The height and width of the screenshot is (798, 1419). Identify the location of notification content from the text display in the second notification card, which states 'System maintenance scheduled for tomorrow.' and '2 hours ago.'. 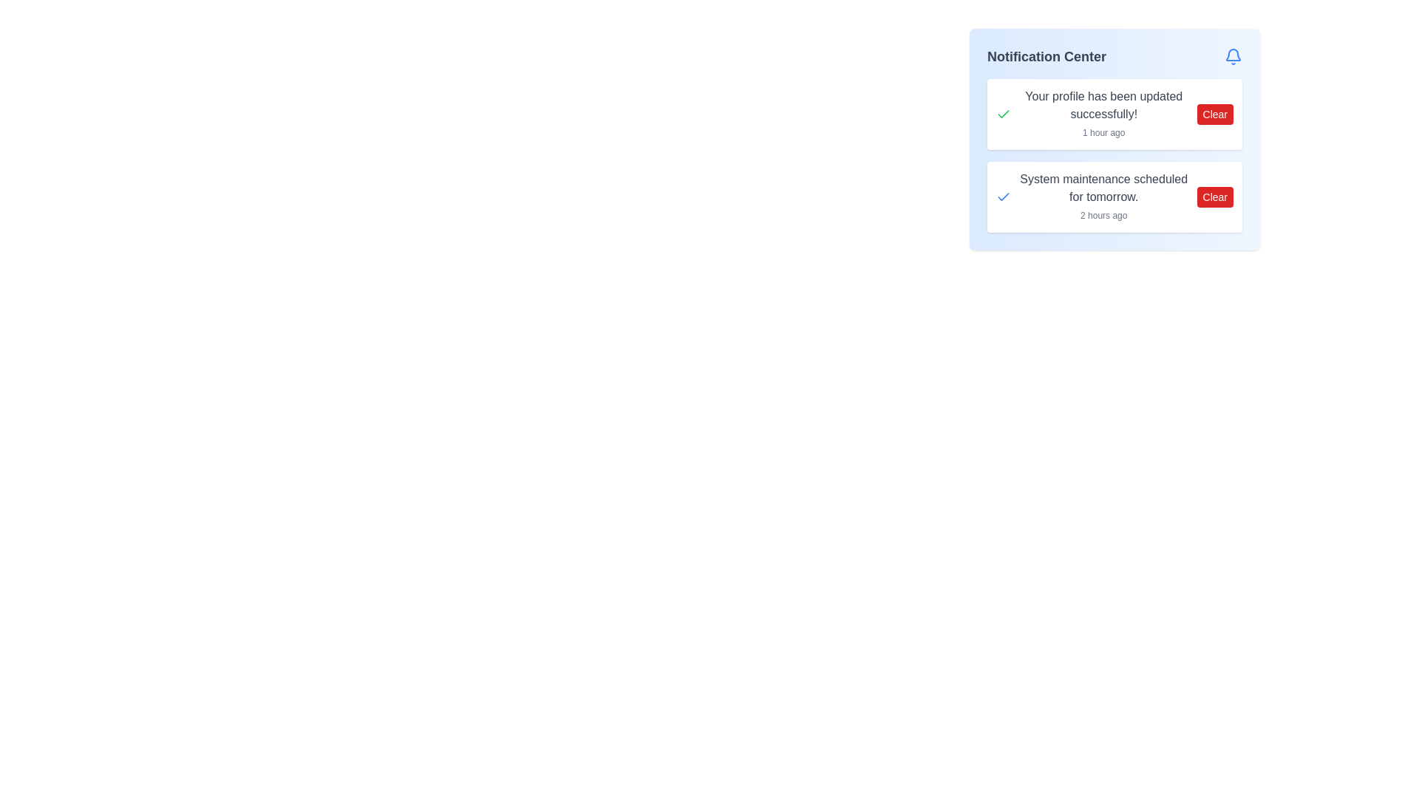
(1103, 196).